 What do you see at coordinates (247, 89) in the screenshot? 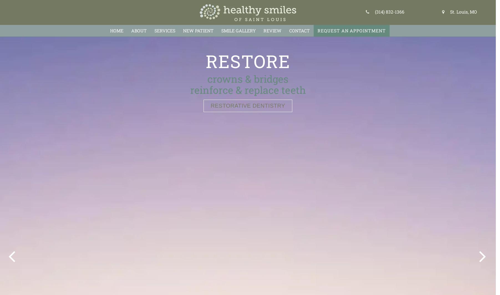
I see `'to life with dental implants.'` at bounding box center [247, 89].